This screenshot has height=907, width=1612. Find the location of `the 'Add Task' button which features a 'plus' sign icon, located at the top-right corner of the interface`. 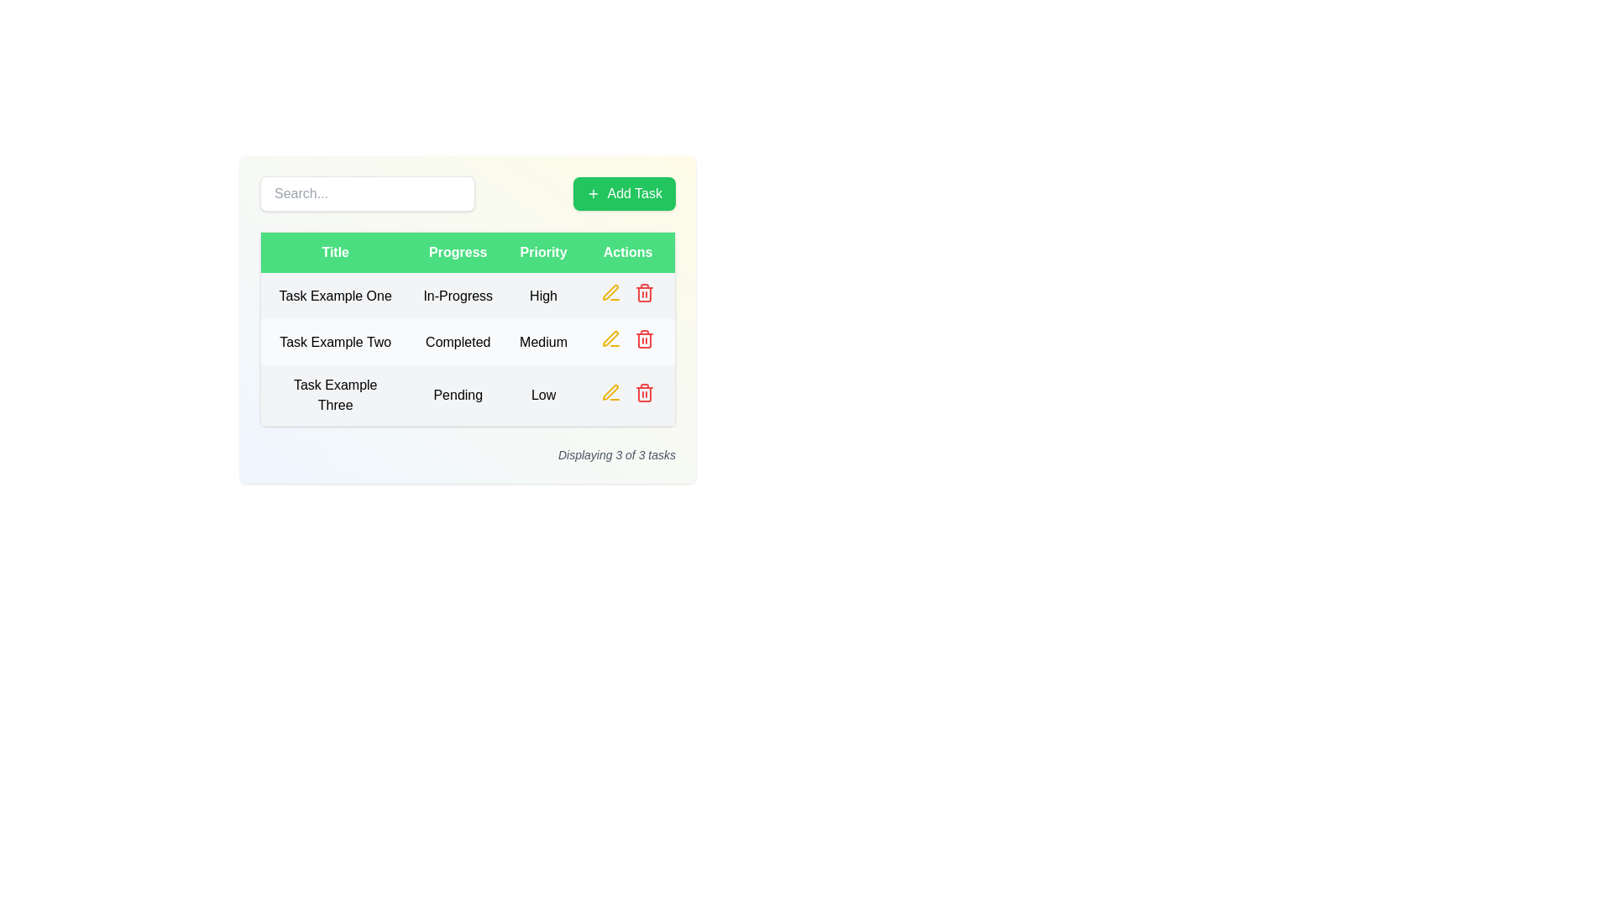

the 'Add Task' button which features a 'plus' sign icon, located at the top-right corner of the interface is located at coordinates (594, 193).